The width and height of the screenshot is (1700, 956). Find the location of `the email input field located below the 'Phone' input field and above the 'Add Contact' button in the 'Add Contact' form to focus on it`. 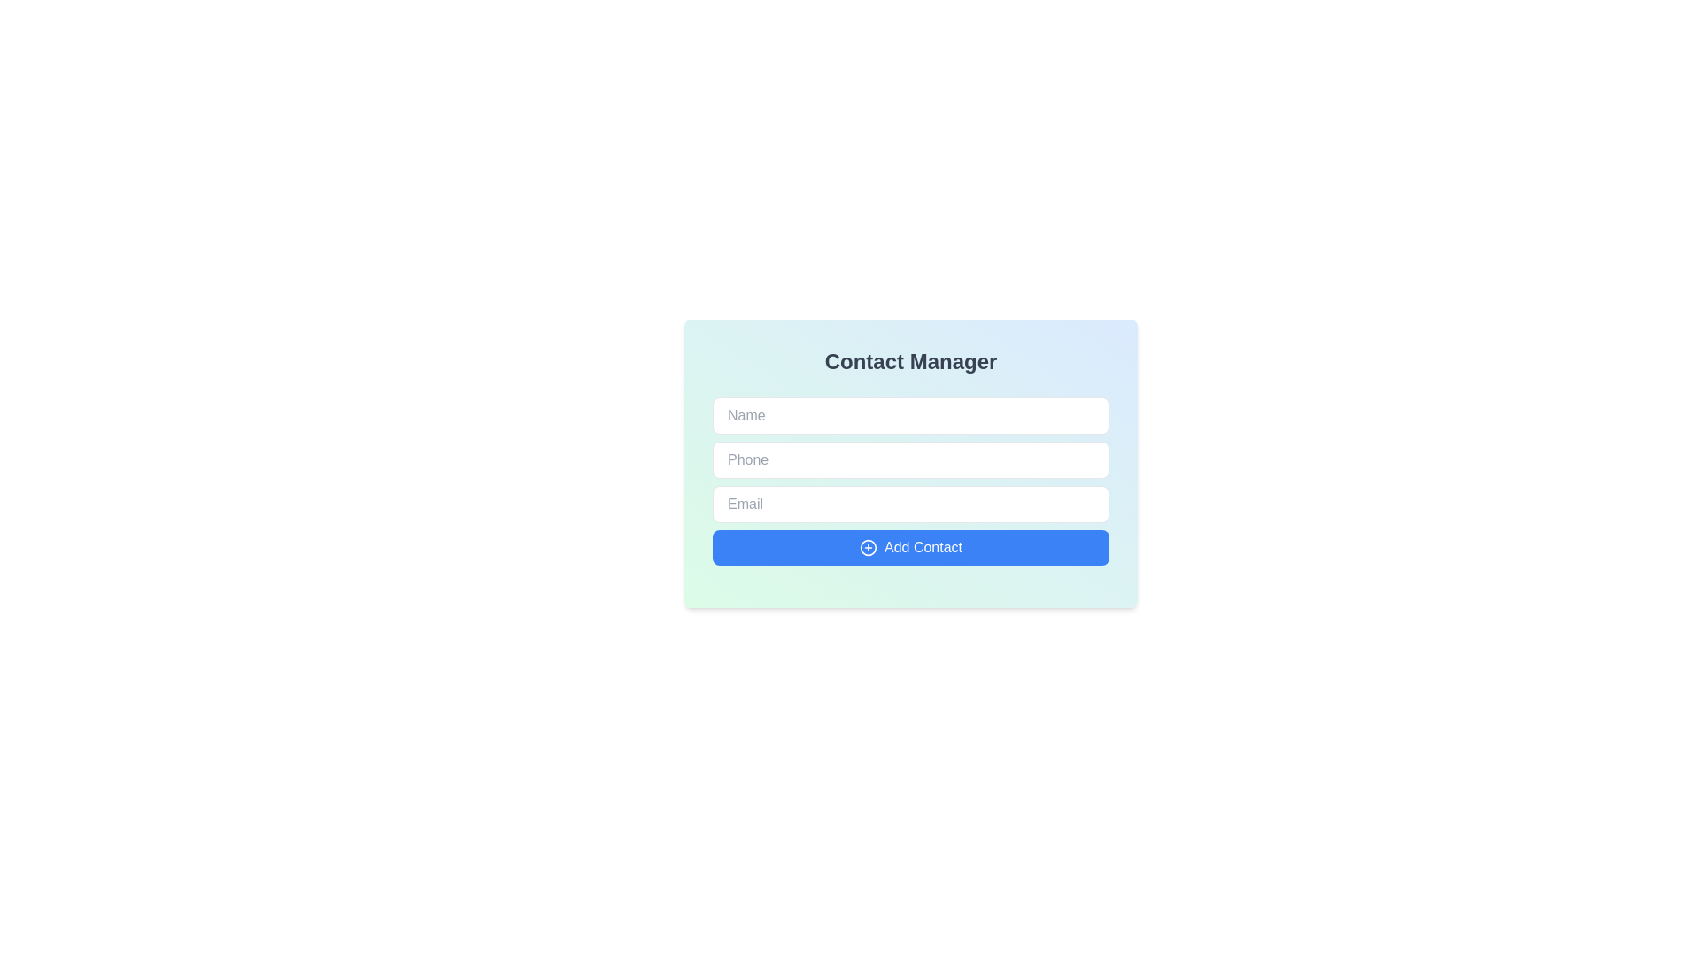

the email input field located below the 'Phone' input field and above the 'Add Contact' button in the 'Add Contact' form to focus on it is located at coordinates (910, 505).